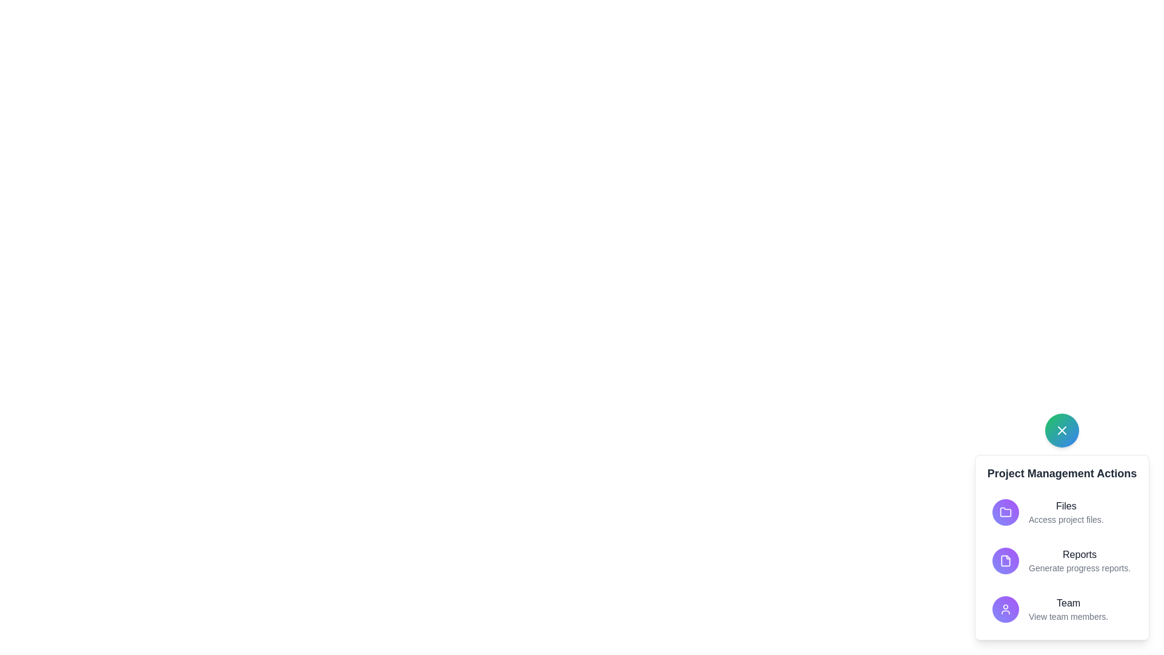 The width and height of the screenshot is (1164, 655). I want to click on the text in the popup corresponding to Files, so click(1065, 506).